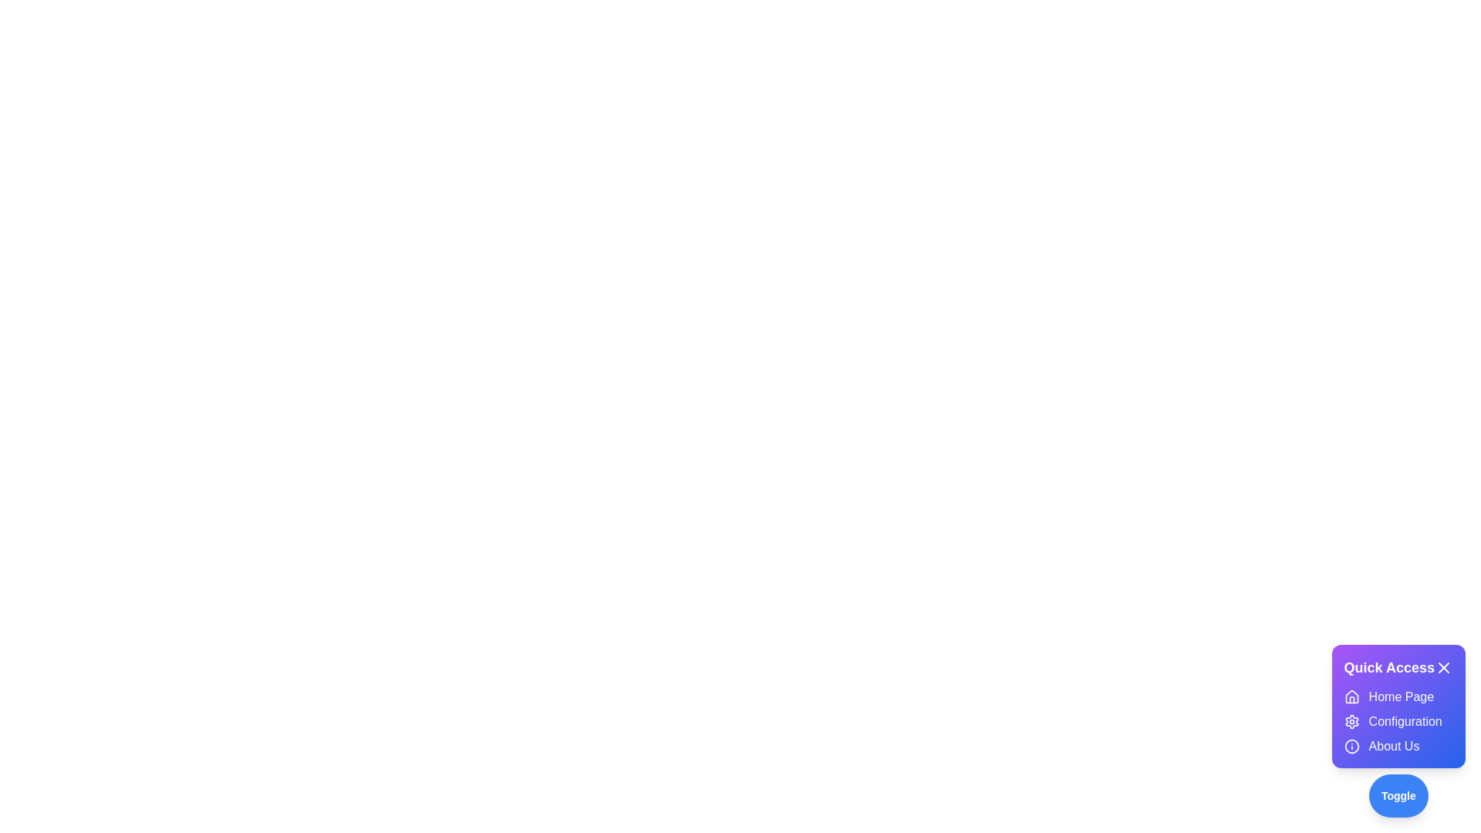  I want to click on the second text label in the 'Quick Access' vertical navigation menu, so click(1405, 722).